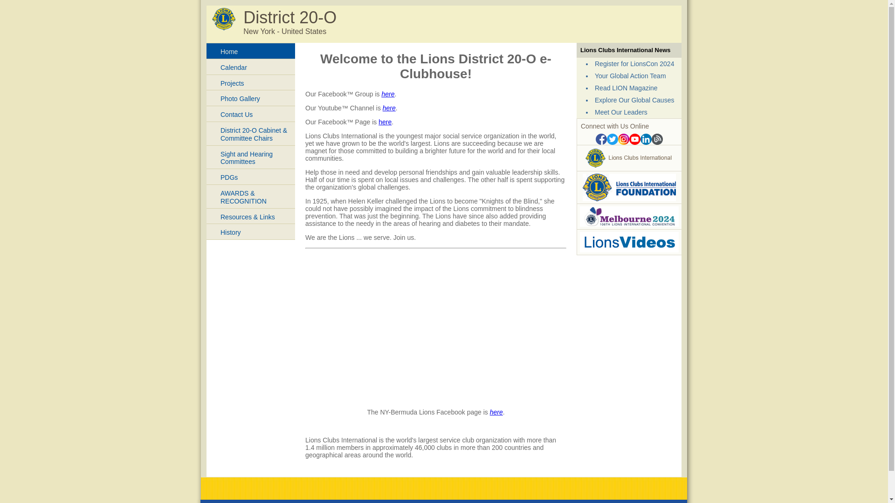 This screenshot has width=895, height=503. Describe the element at coordinates (250, 216) in the screenshot. I see `'Resources & Links'` at that location.